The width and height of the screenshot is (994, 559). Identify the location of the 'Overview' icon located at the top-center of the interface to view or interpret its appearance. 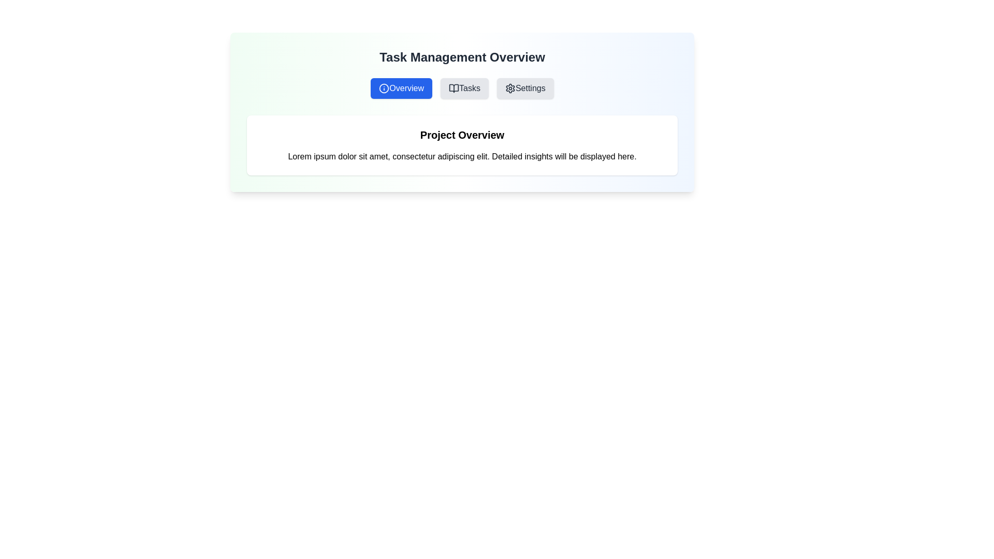
(384, 87).